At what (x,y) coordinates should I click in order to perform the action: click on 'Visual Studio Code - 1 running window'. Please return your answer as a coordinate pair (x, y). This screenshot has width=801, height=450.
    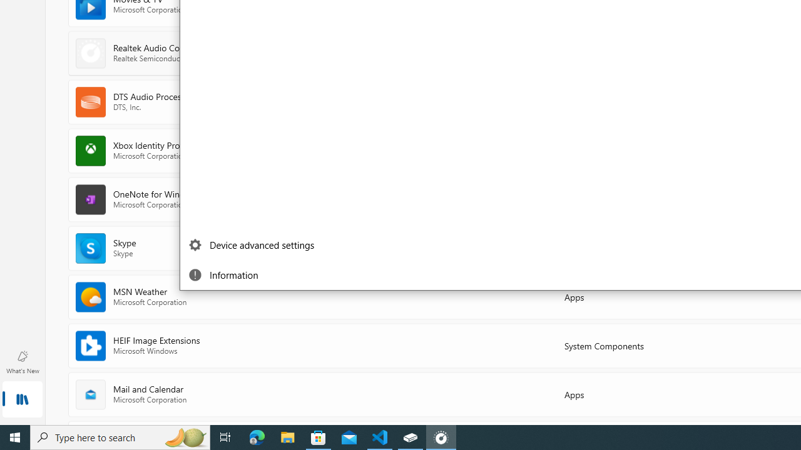
    Looking at the image, I should click on (379, 436).